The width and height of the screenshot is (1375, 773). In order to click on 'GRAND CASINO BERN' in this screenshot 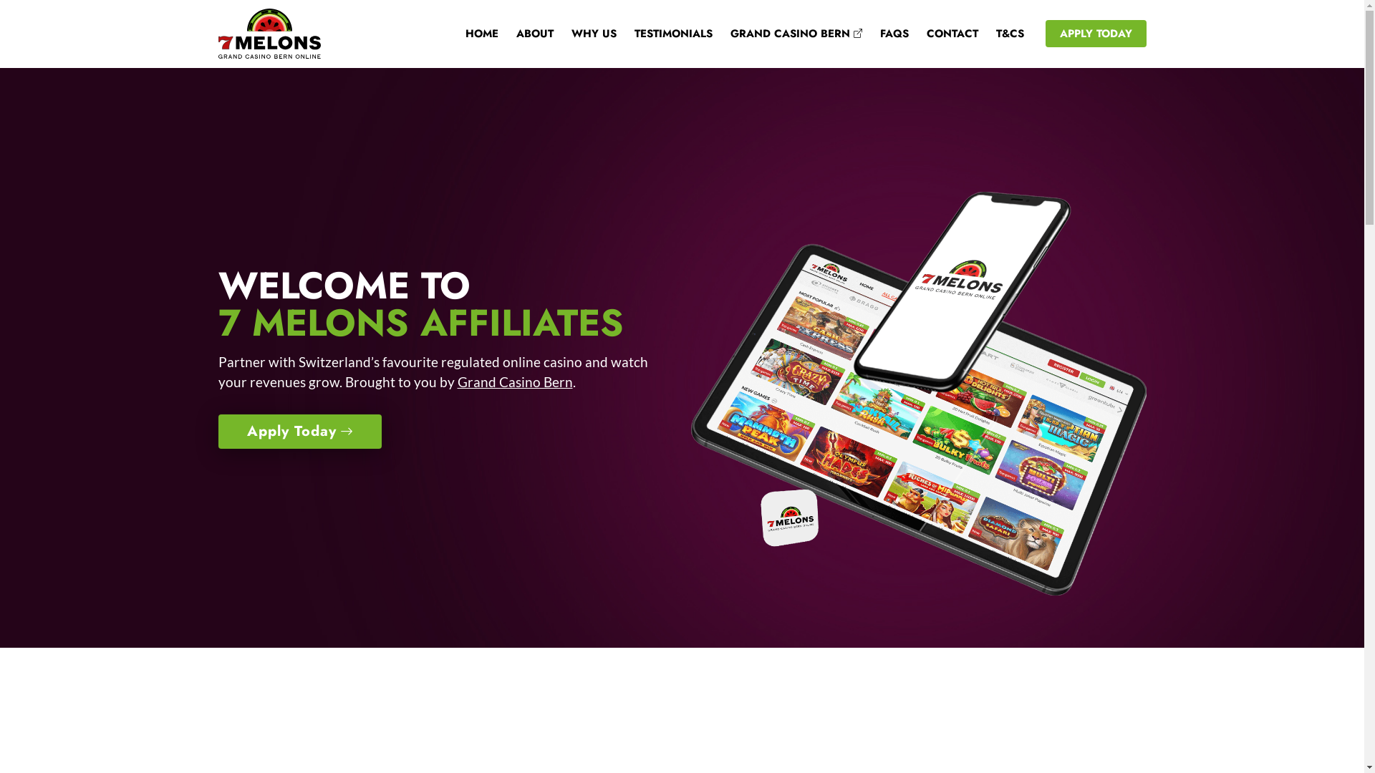, I will do `click(786, 33)`.